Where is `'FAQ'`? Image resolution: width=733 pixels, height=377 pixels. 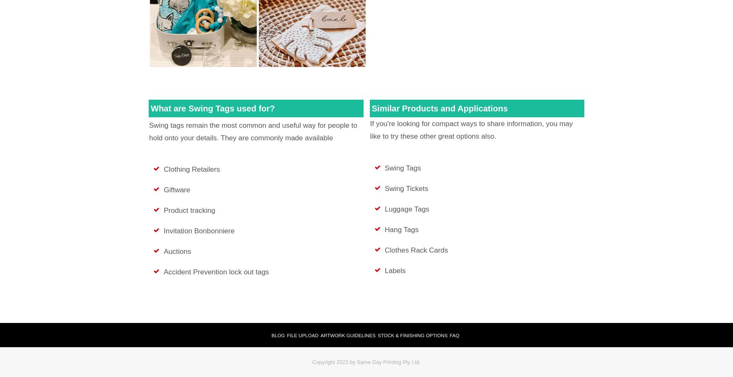
'FAQ' is located at coordinates (449, 336).